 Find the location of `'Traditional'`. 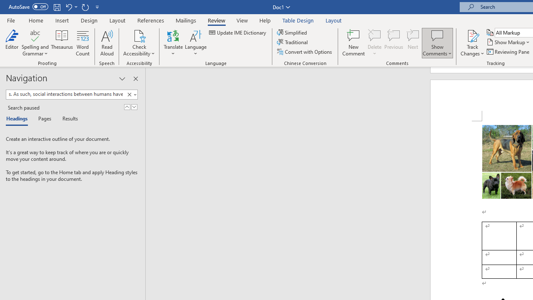

'Traditional' is located at coordinates (293, 42).